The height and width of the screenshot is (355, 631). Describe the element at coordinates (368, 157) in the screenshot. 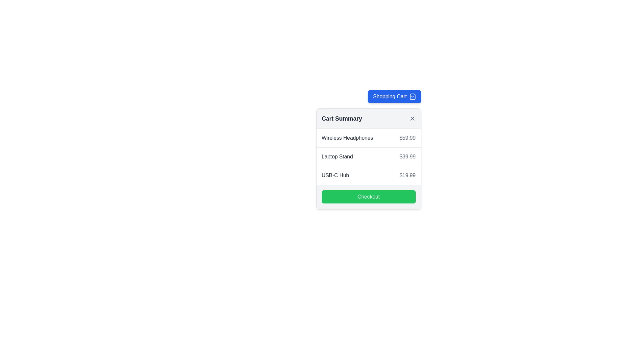

I see `the static informational list displaying 'Laptop Stand' priced at $39.99 within the cart summary, located in the top-right corner of the interface` at that location.